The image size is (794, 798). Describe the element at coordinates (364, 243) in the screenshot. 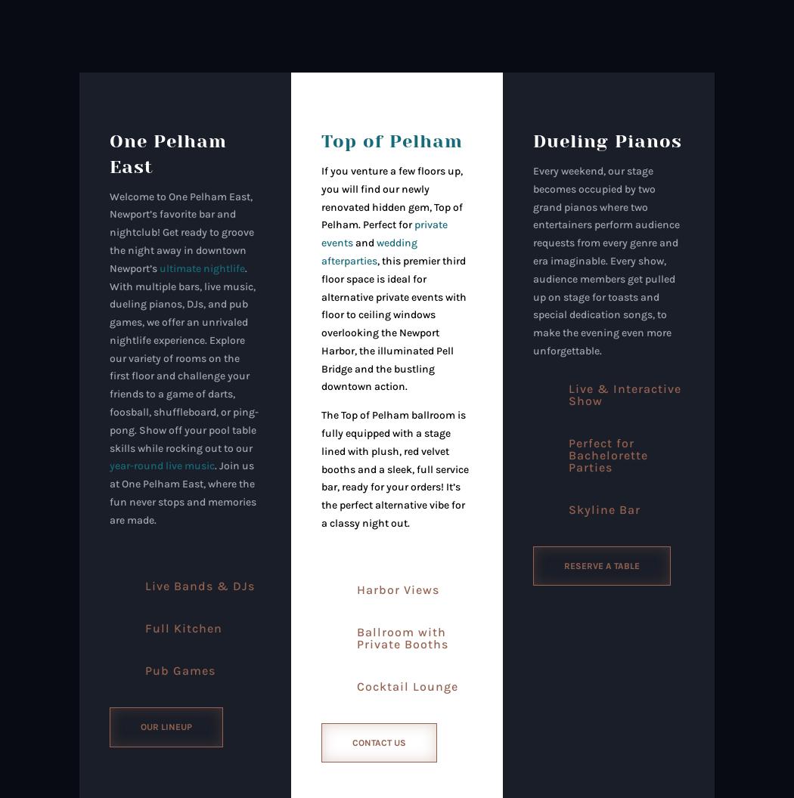

I see `'and'` at that location.